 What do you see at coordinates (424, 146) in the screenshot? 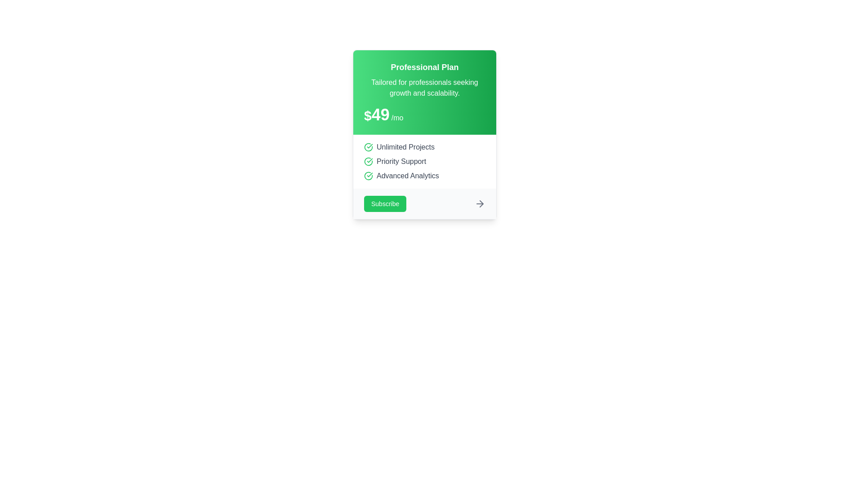
I see `the 'Unlimited Projects' text label and its associated group under the 'Professional Plan' heading` at bounding box center [424, 146].